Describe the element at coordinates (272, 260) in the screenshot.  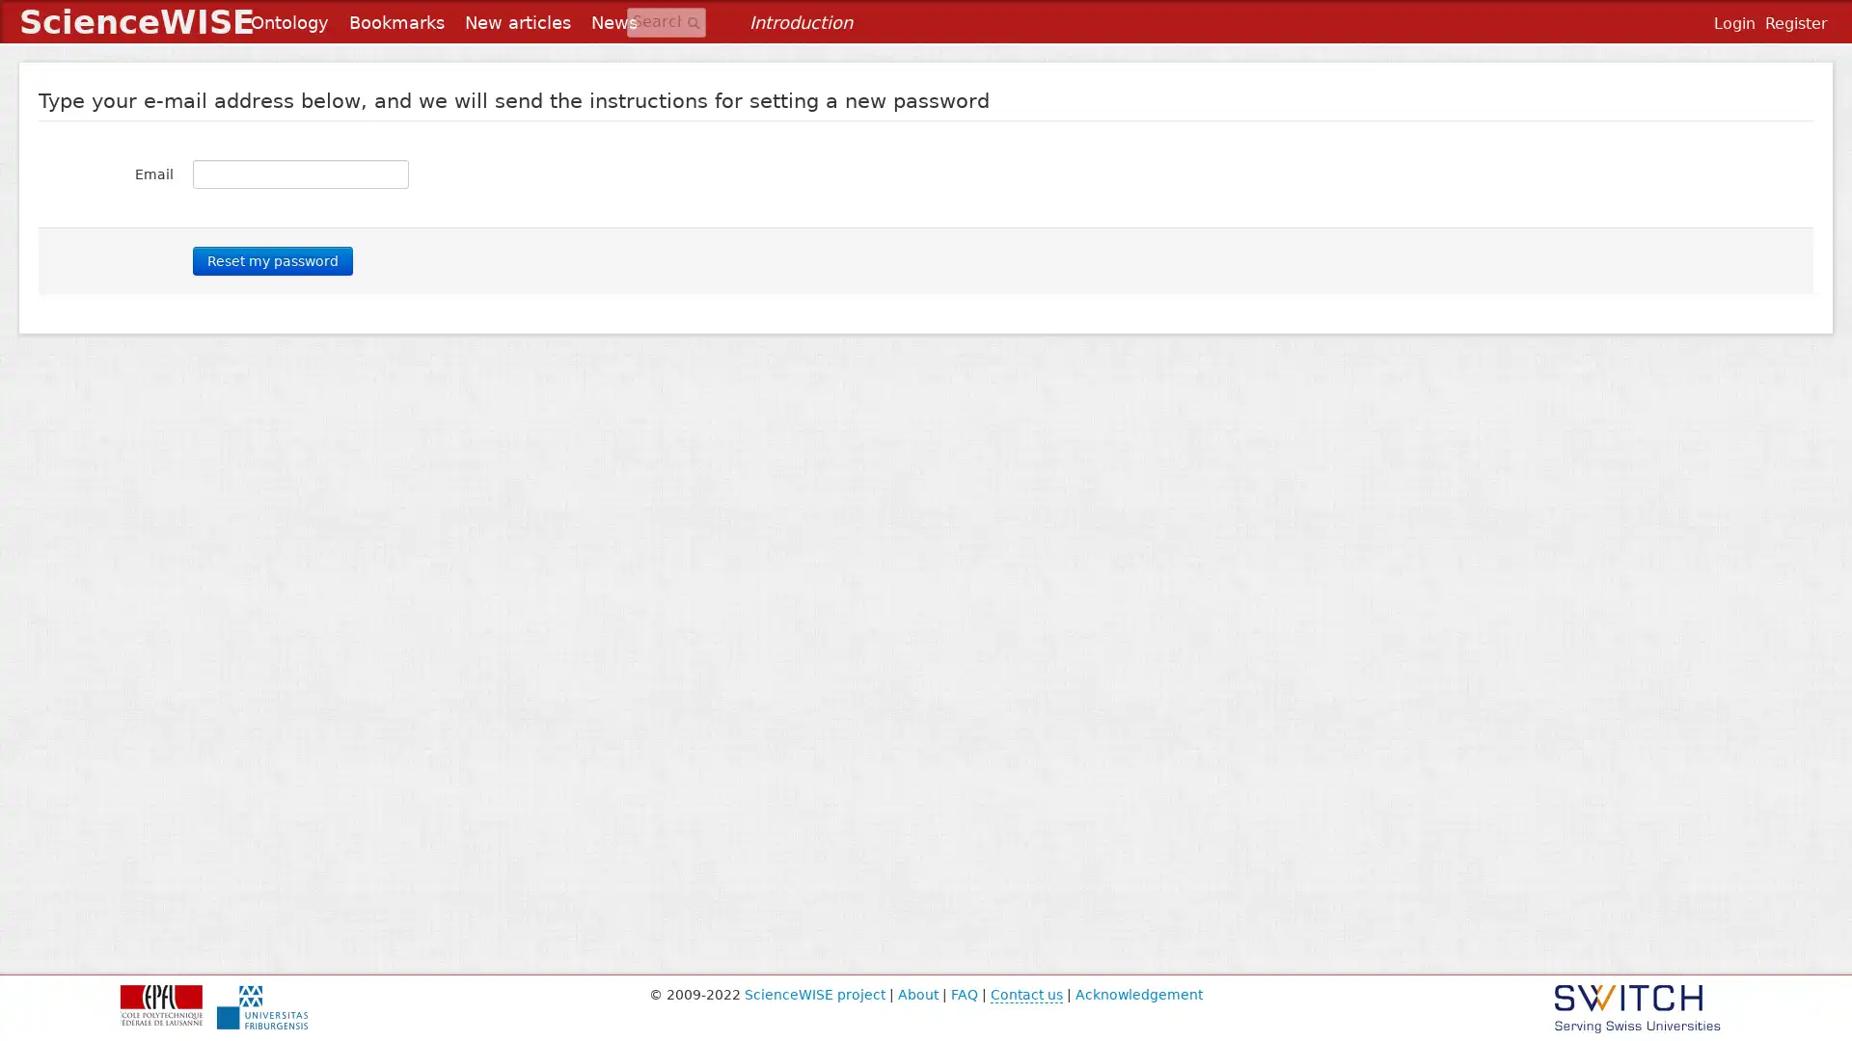
I see `Reset my password` at that location.